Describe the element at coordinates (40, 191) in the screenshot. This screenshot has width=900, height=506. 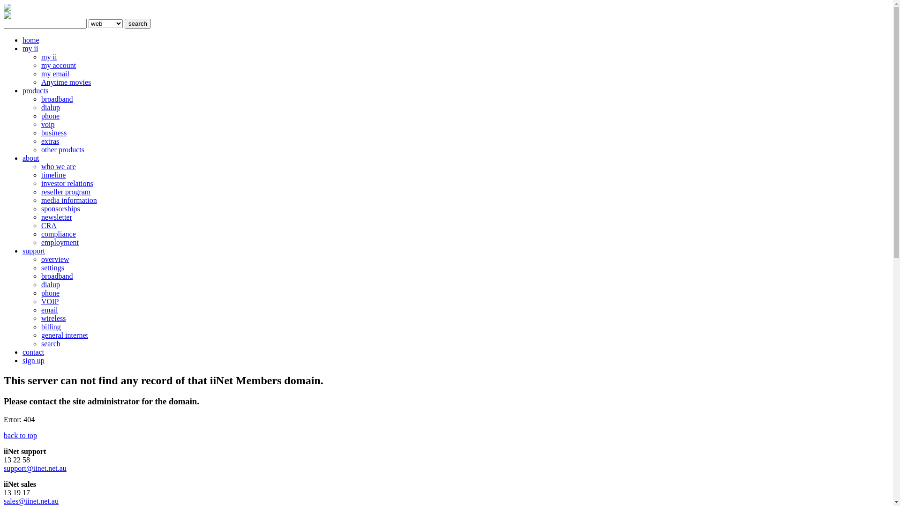
I see `'reseller program'` at that location.